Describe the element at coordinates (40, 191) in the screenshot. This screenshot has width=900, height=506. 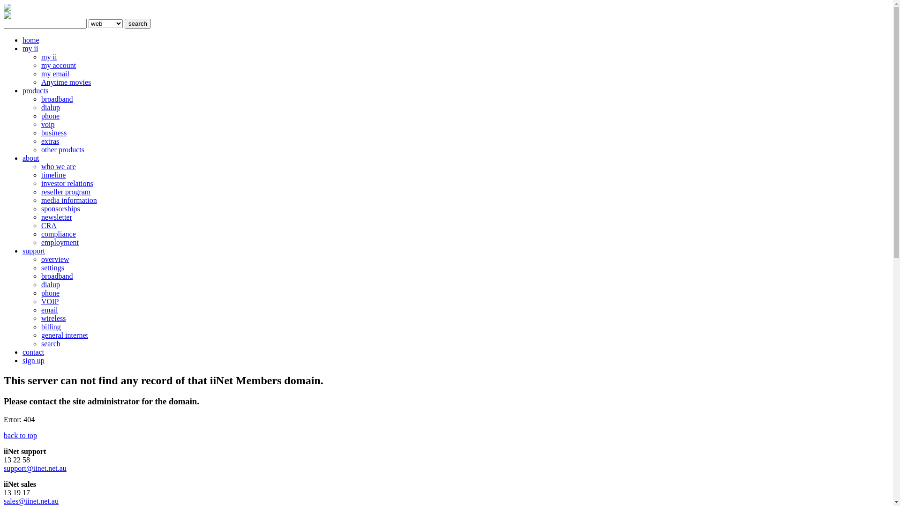
I see `'reseller program'` at that location.